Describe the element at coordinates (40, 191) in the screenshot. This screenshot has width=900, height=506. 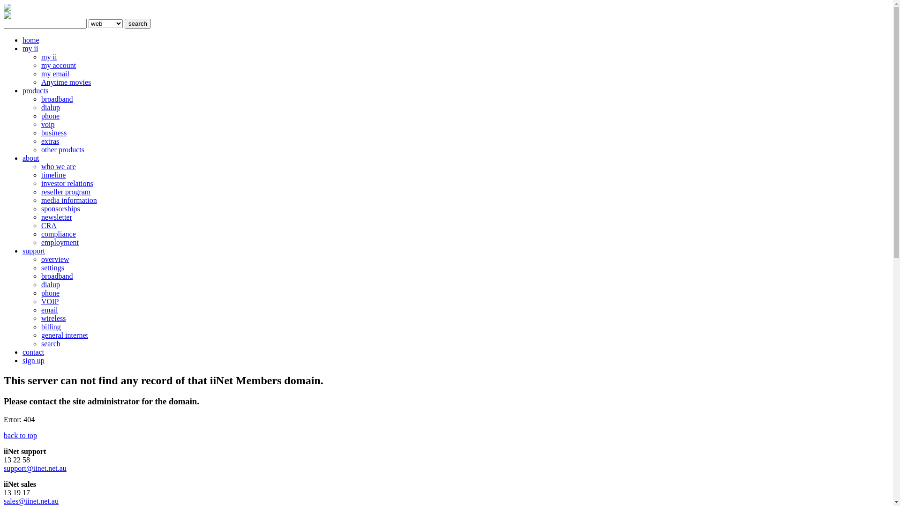
I see `'reseller program'` at that location.